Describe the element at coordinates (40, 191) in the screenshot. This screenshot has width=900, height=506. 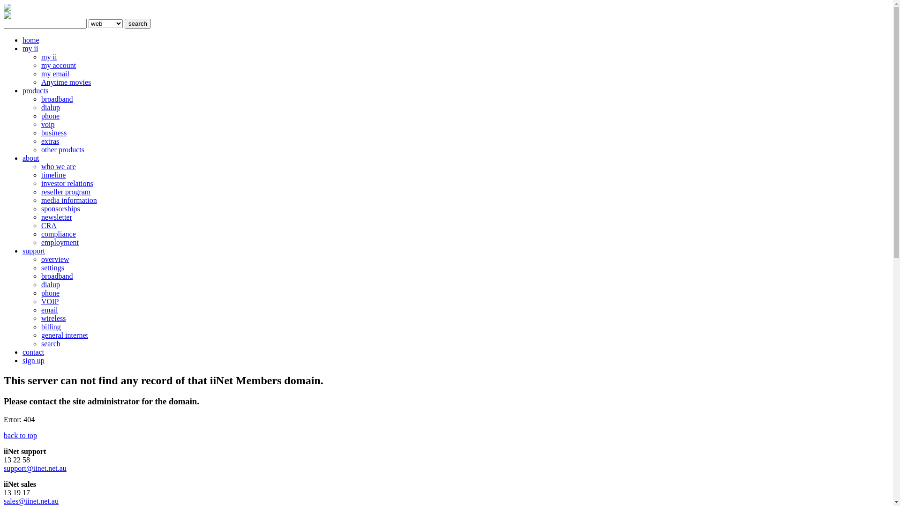
I see `'reseller program'` at that location.